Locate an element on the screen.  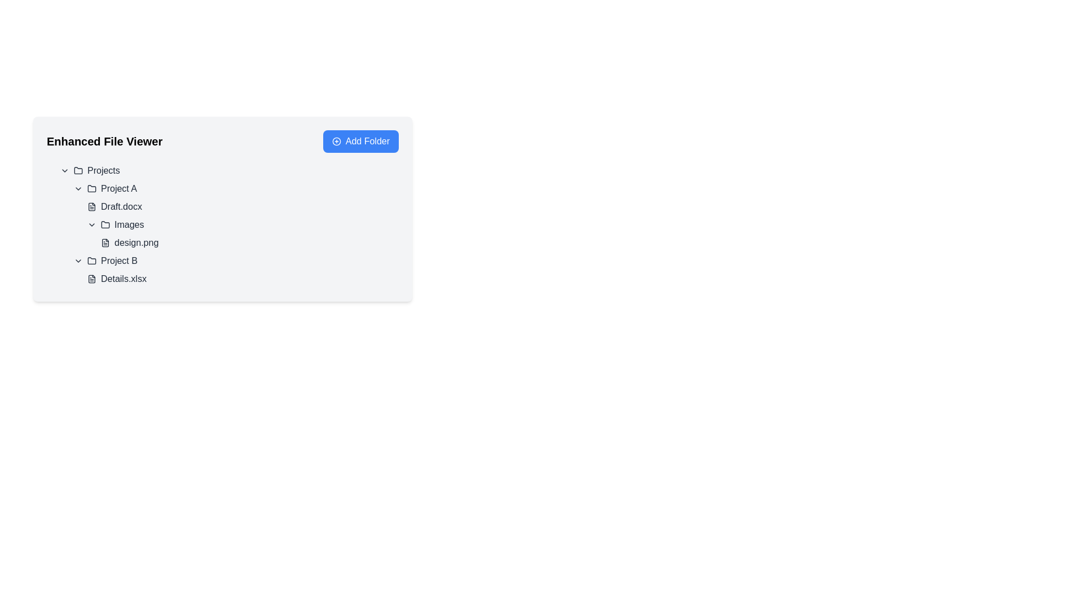
the 'Add Folder' text label within the button located at the top-right corner of the interface is located at coordinates (367, 140).